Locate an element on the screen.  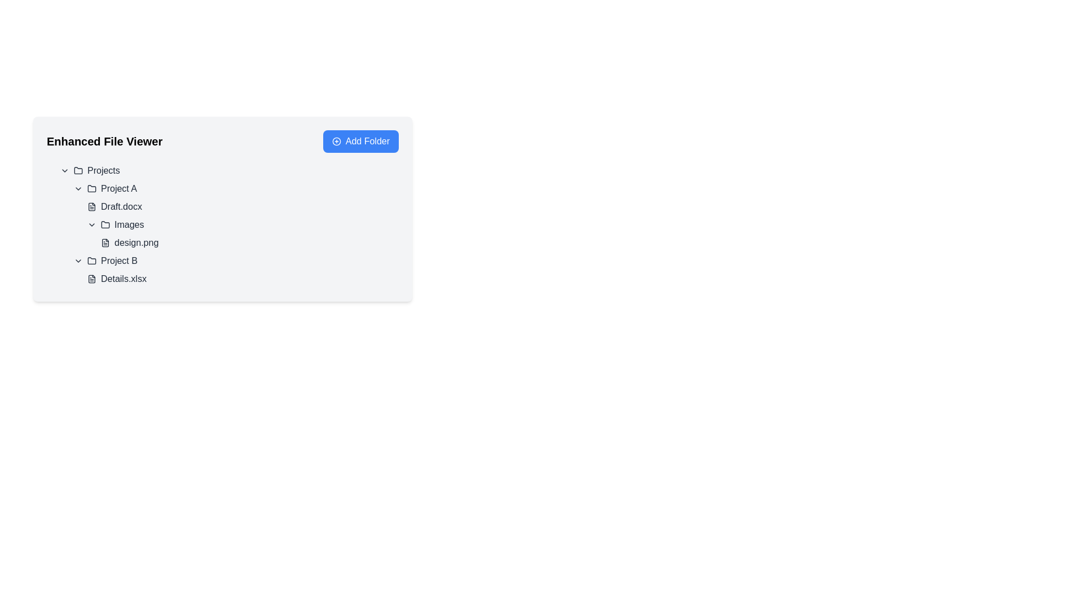
the 'Add Folder' text label within the button located at the top-right corner of the interface is located at coordinates (367, 140).